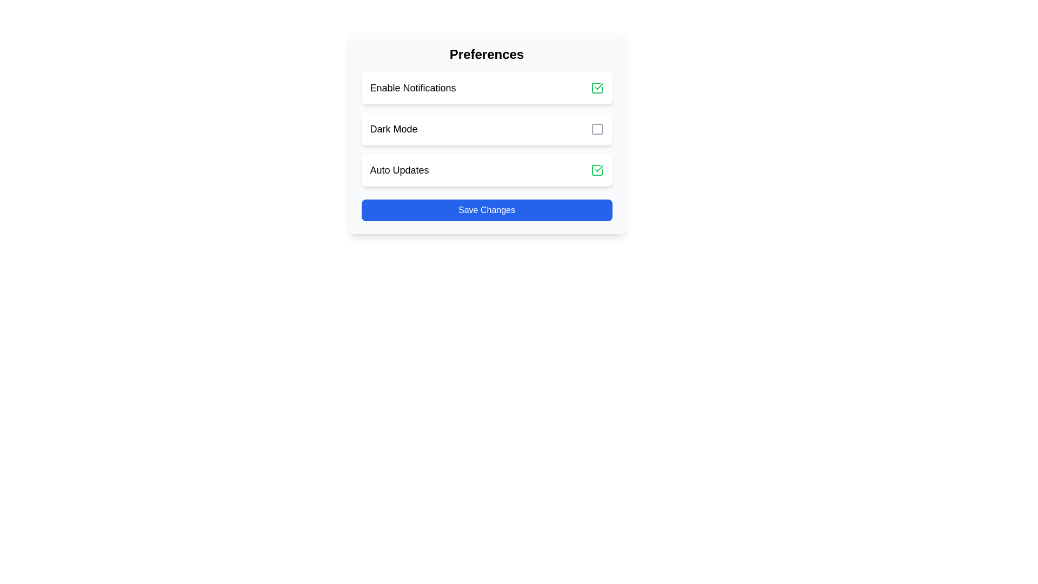  I want to click on the green checkmark icon in the checkbox located to the right of the 'Auto Updates' label, so click(596, 170).